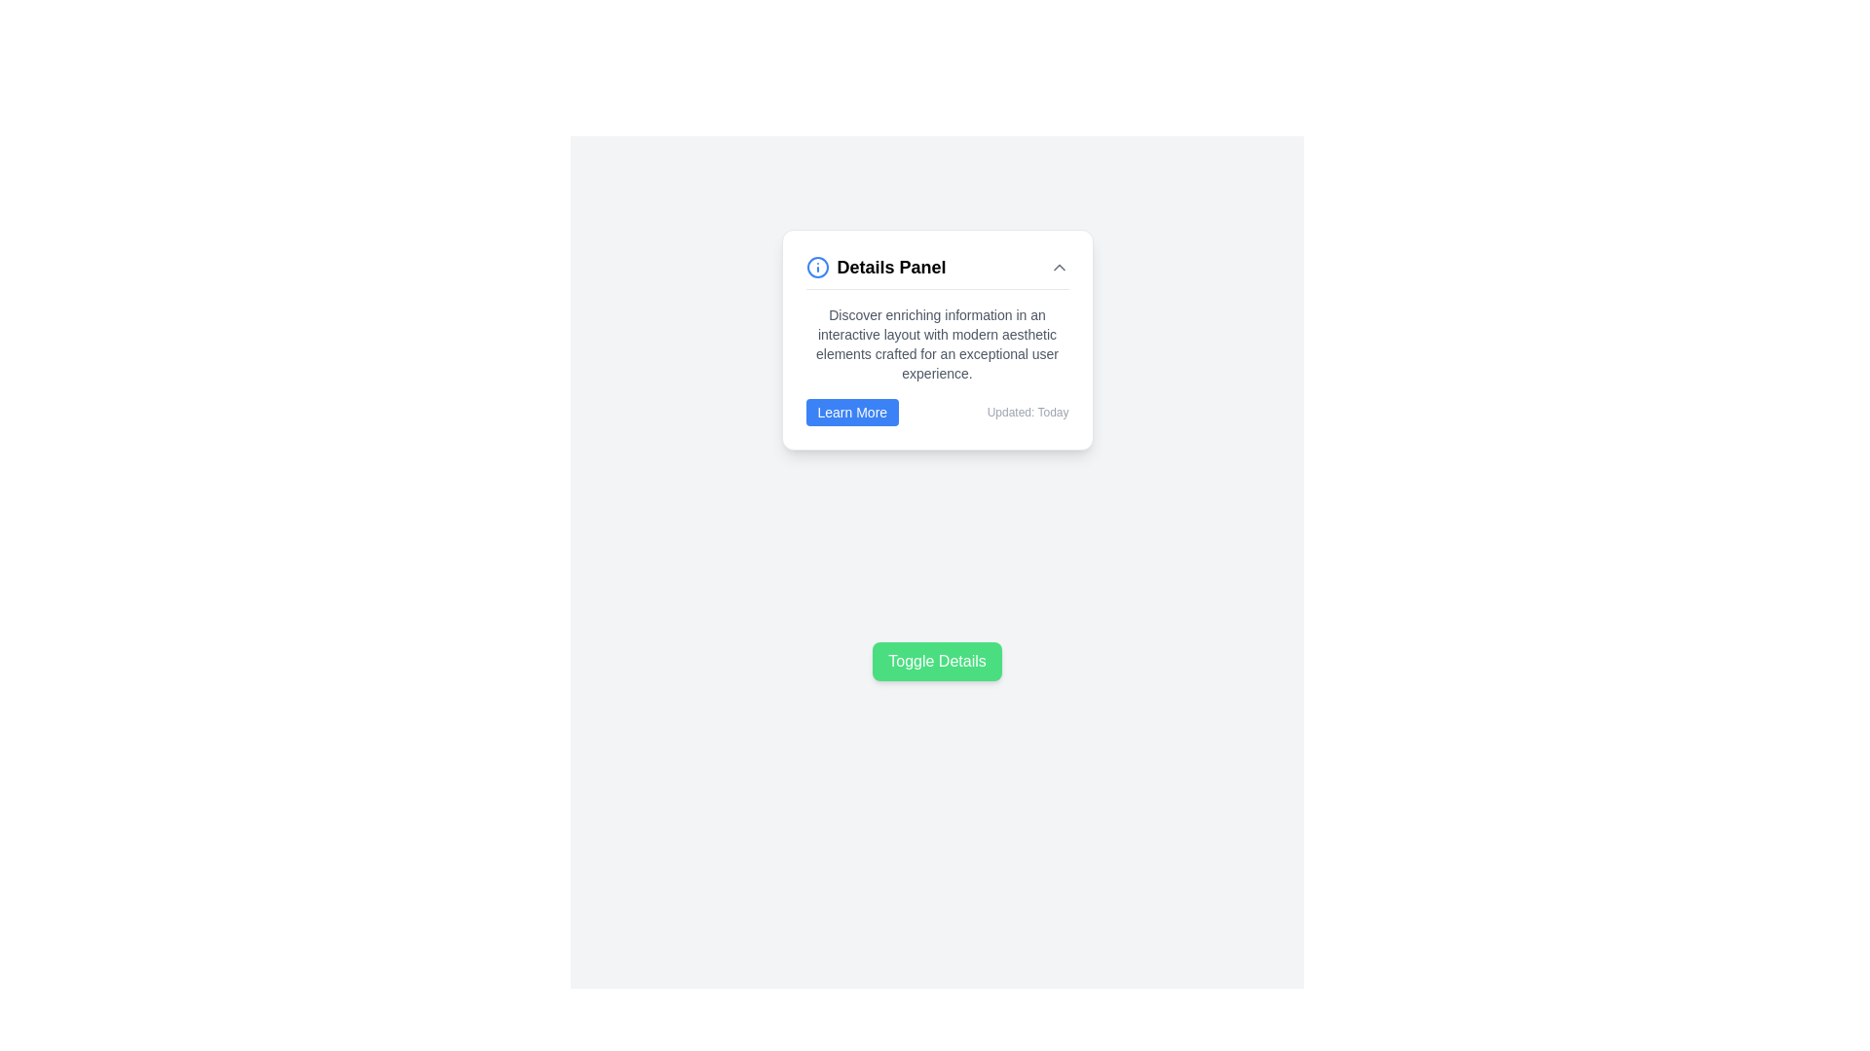 This screenshot has width=1870, height=1051. Describe the element at coordinates (937, 344) in the screenshot. I see `the descriptive text in the 'Details Panel' that reads: 'Discover enriching information in an interactive layout with modern aesthetic elements crafted for an exceptional user experience.'` at that location.